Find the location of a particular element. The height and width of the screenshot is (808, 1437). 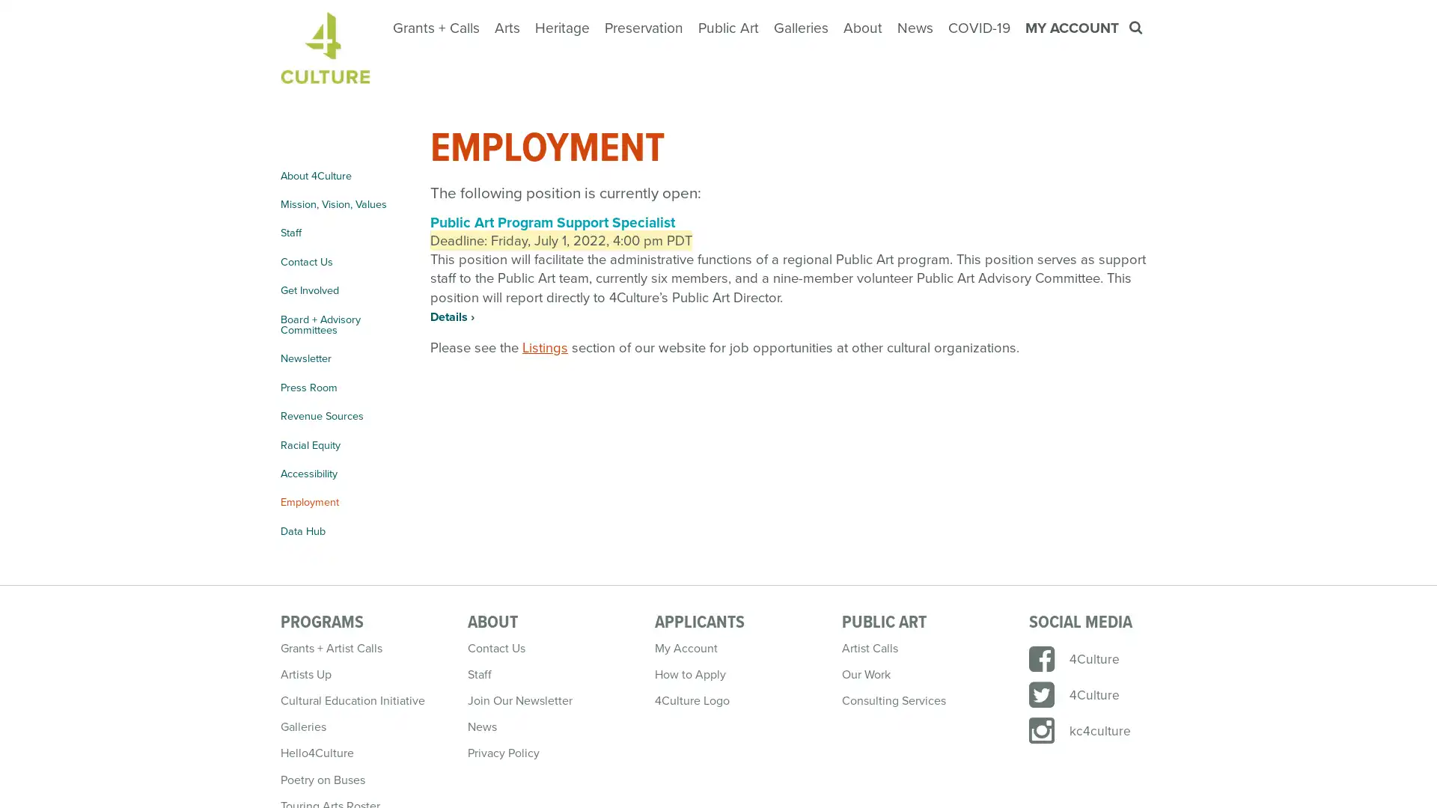

Open search is located at coordinates (1137, 28).